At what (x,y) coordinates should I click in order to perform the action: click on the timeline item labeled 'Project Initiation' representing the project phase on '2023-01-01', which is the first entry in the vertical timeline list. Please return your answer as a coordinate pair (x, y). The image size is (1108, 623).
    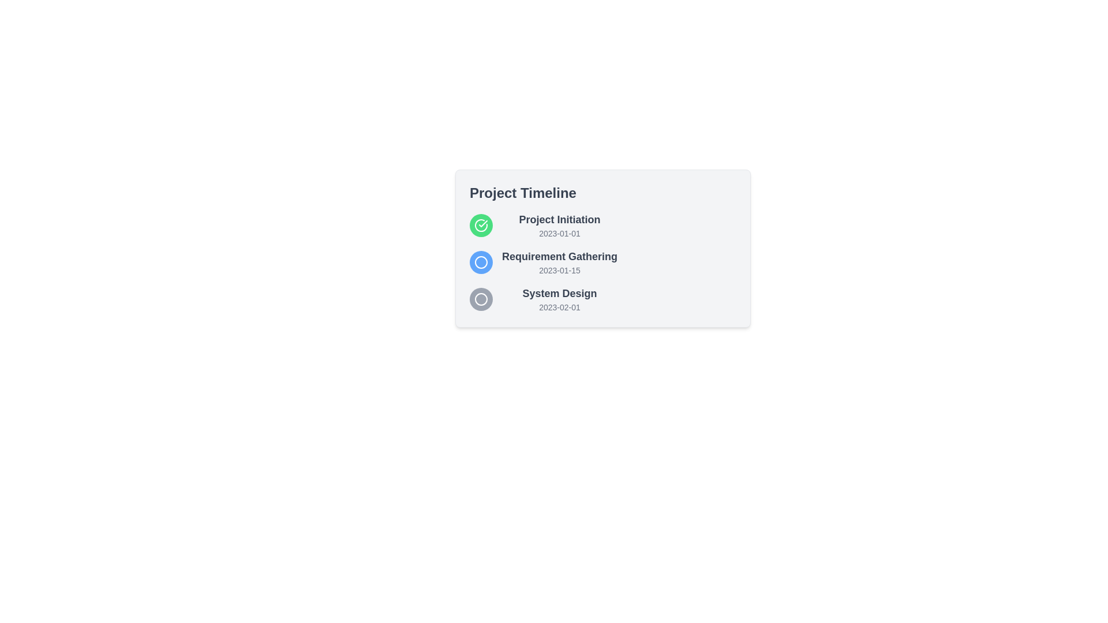
    Looking at the image, I should click on (542, 225).